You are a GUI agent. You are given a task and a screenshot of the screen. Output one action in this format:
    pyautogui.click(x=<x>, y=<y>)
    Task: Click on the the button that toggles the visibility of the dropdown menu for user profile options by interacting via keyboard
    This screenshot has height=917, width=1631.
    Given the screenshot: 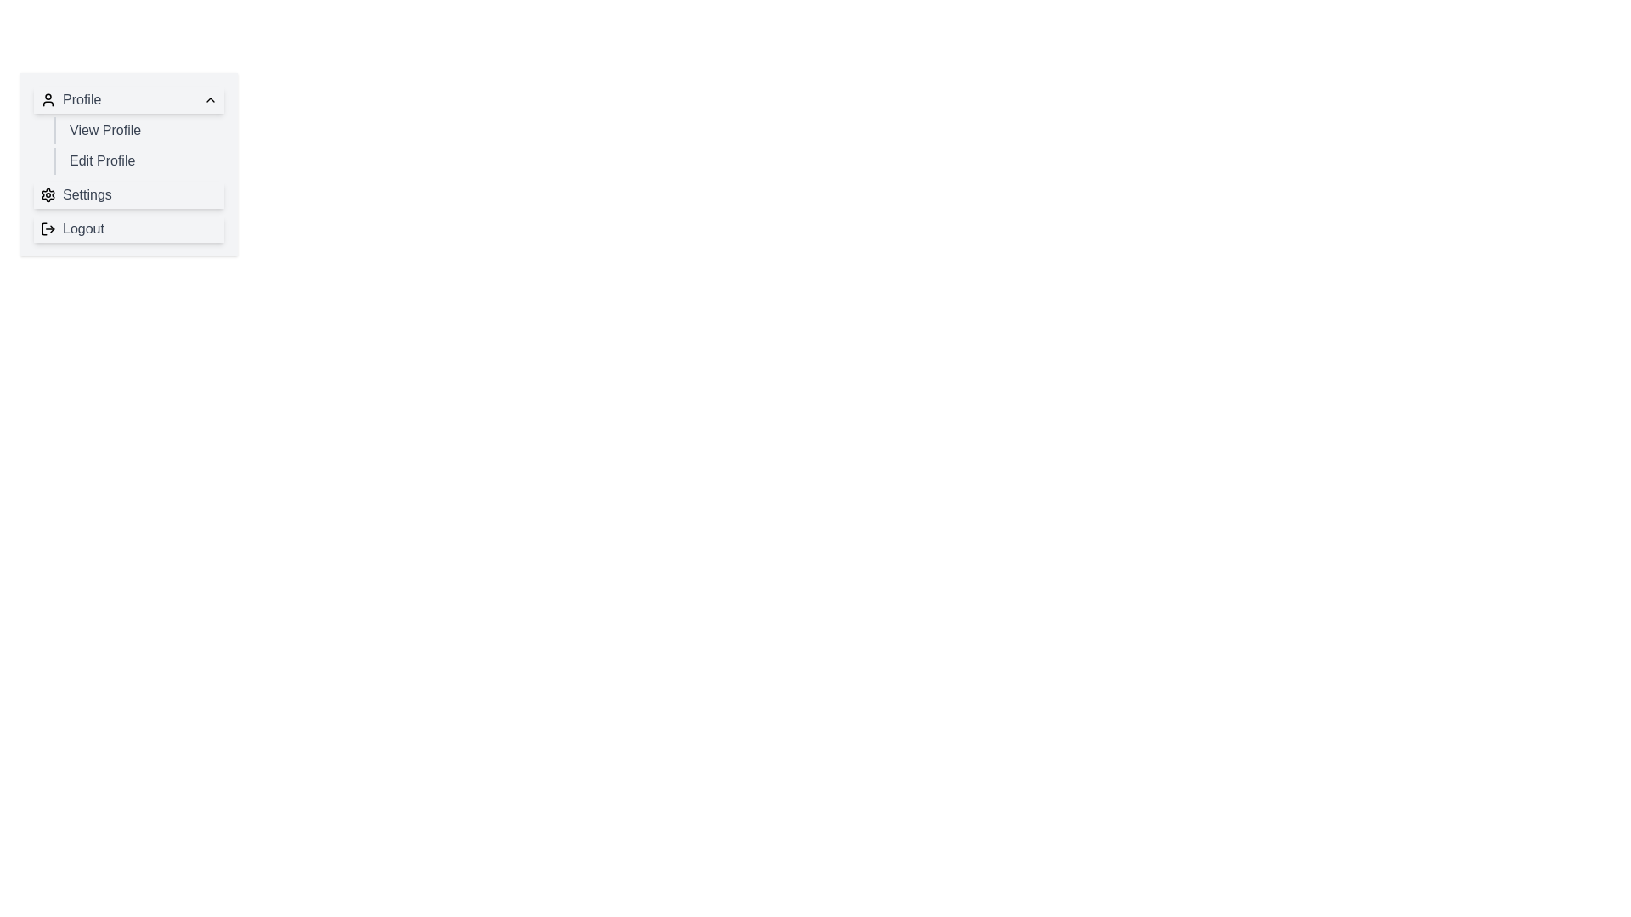 What is the action you would take?
    pyautogui.click(x=128, y=100)
    